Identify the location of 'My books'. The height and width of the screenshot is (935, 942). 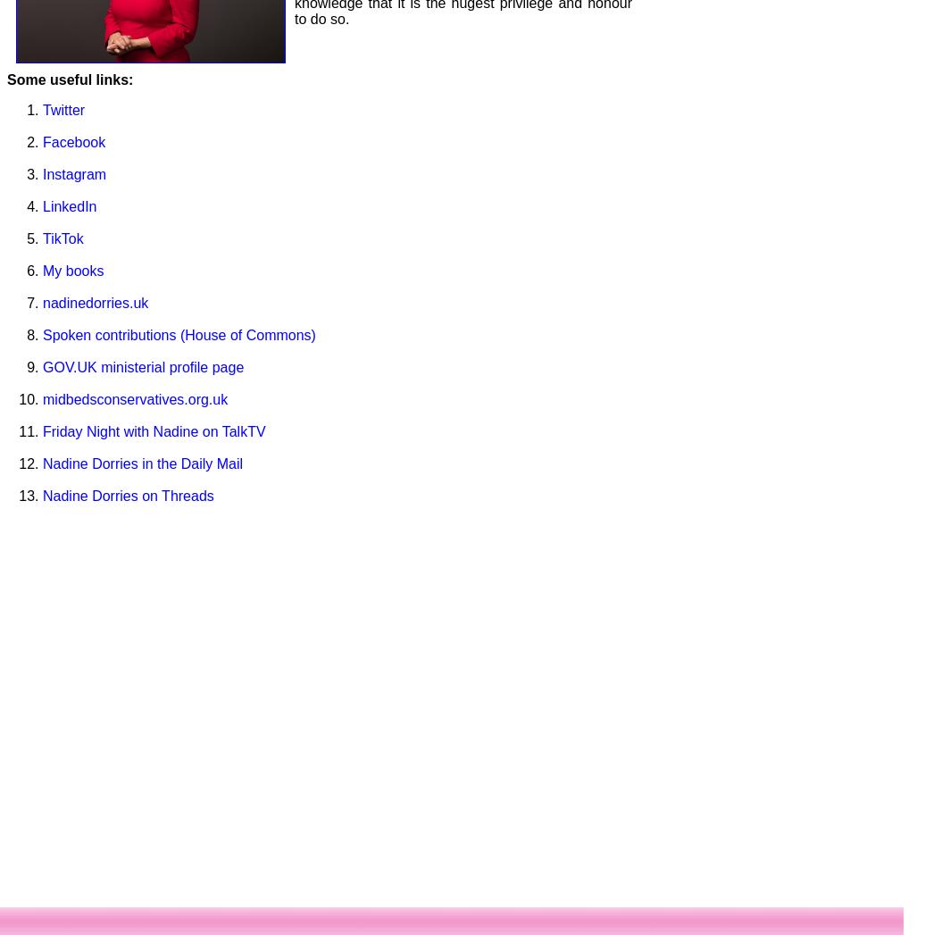
(71, 269).